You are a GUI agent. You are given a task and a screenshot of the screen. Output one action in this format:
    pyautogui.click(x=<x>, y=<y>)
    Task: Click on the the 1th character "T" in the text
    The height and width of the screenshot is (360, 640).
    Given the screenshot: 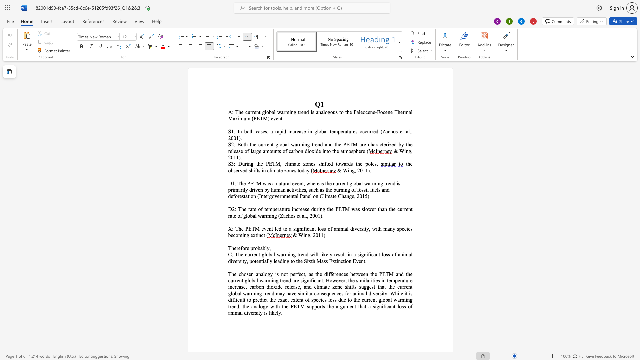 What is the action you would take?
    pyautogui.click(x=236, y=254)
    